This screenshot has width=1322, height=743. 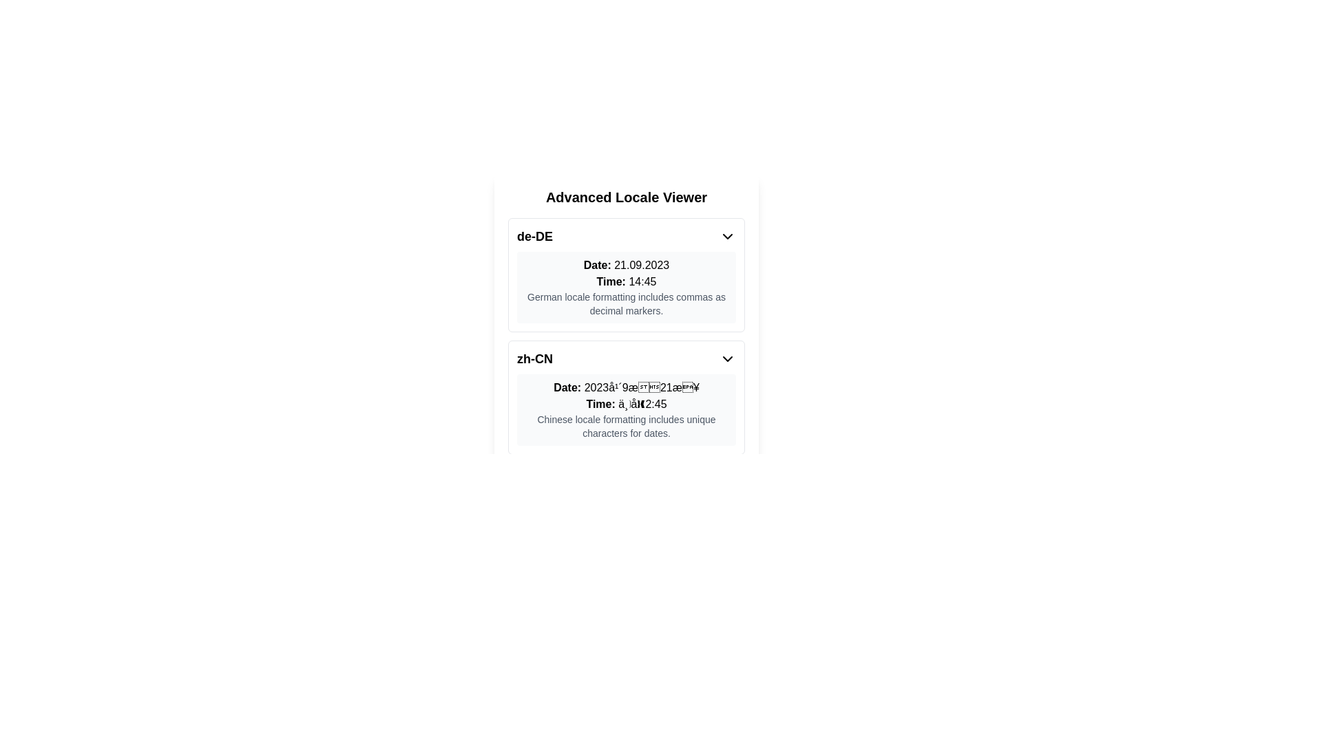 What do you see at coordinates (626, 265) in the screenshot?
I see `the text label displaying 'Date: 21.09.2023', which is styled with 'Date:' in bold and located in a light gray box with rounded corners` at bounding box center [626, 265].